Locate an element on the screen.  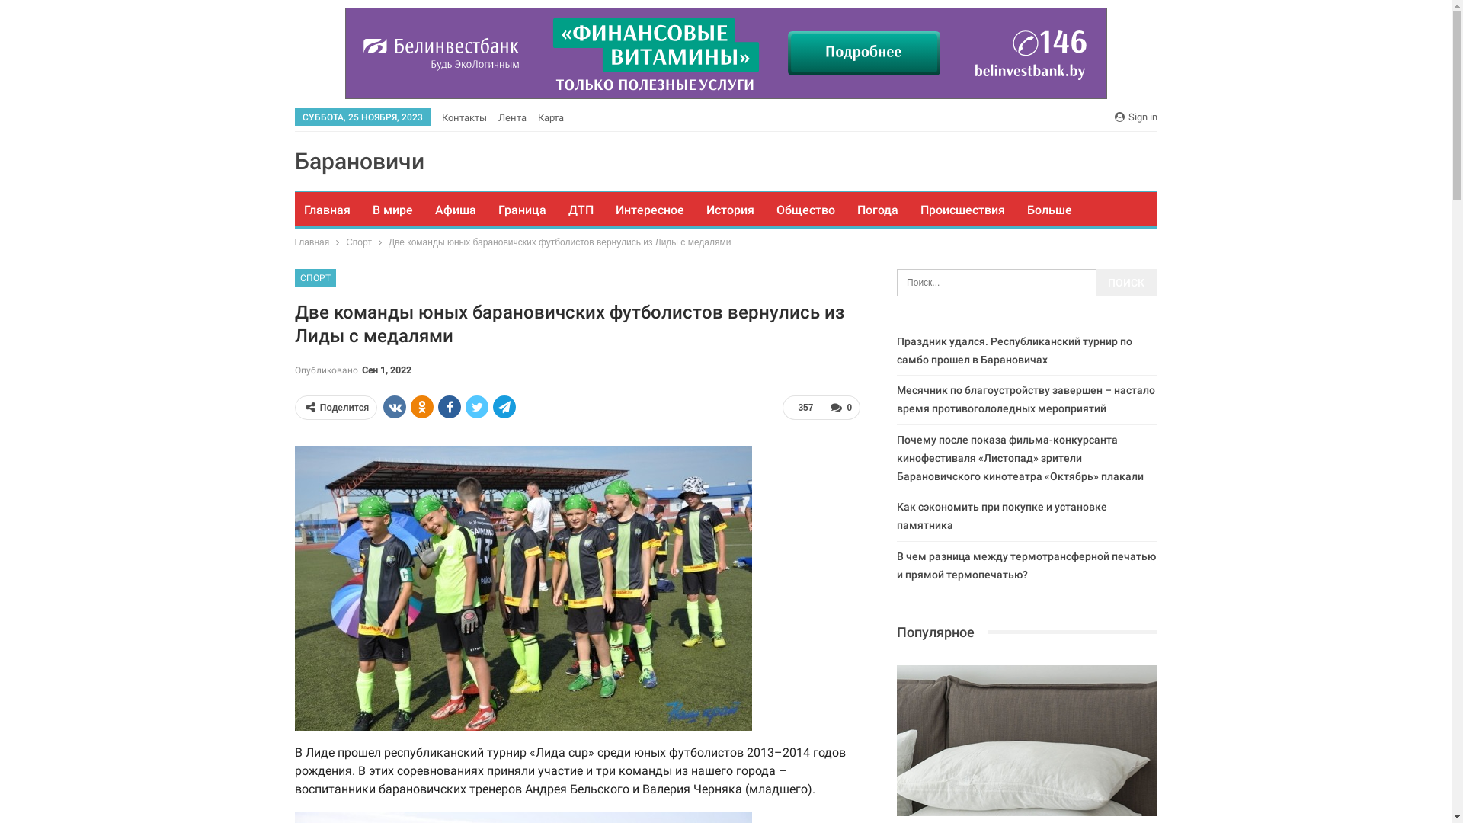
'0' is located at coordinates (840, 407).